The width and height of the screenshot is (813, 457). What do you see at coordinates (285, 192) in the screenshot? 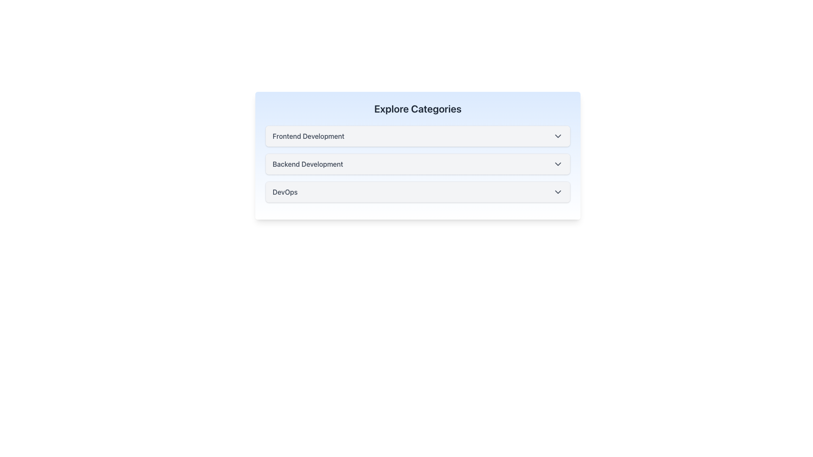
I see `the text label displaying 'DevOps', which is styled with a medium font weight and gray color, located in the left portion of the third item in a vertically arranged list of category headers` at bounding box center [285, 192].